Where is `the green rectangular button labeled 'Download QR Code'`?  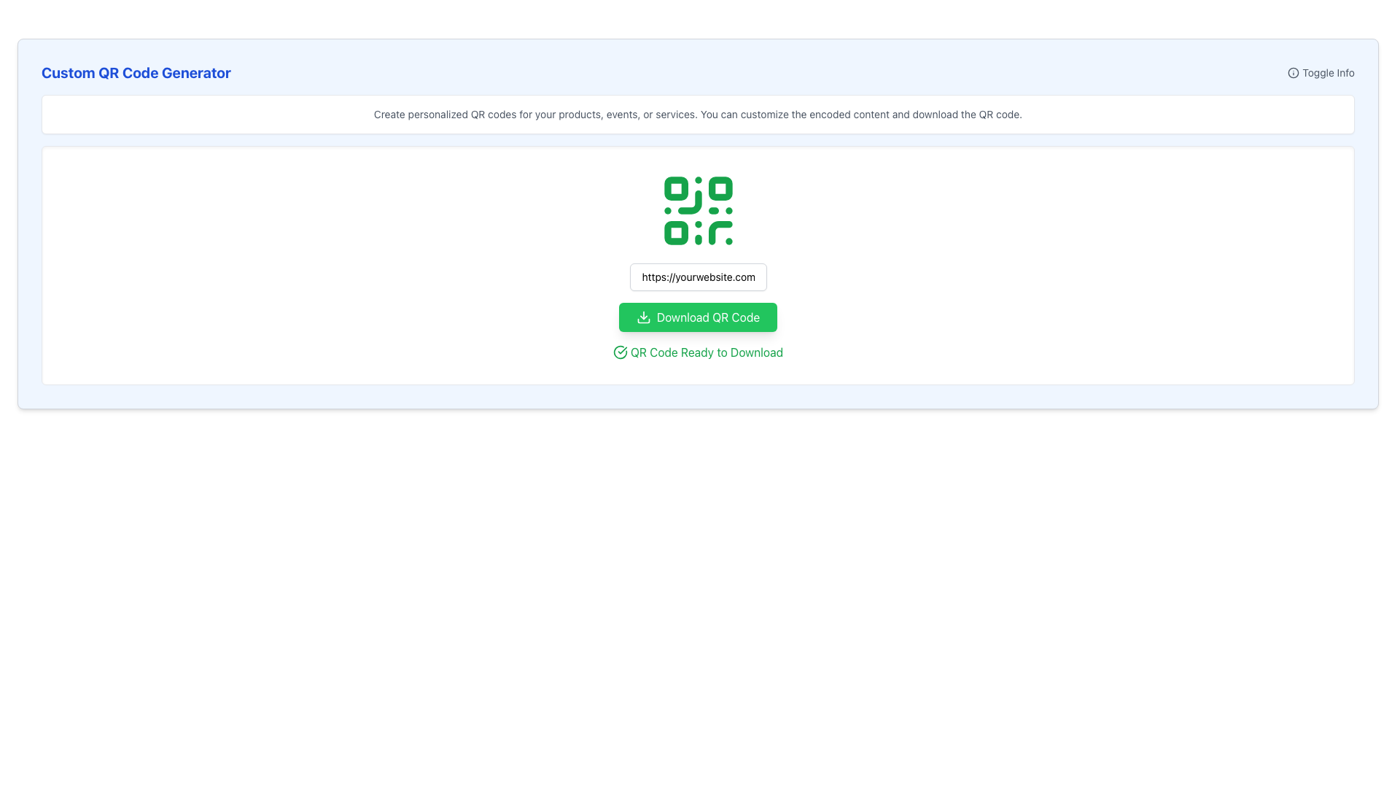 the green rectangular button labeled 'Download QR Code' is located at coordinates (642, 317).